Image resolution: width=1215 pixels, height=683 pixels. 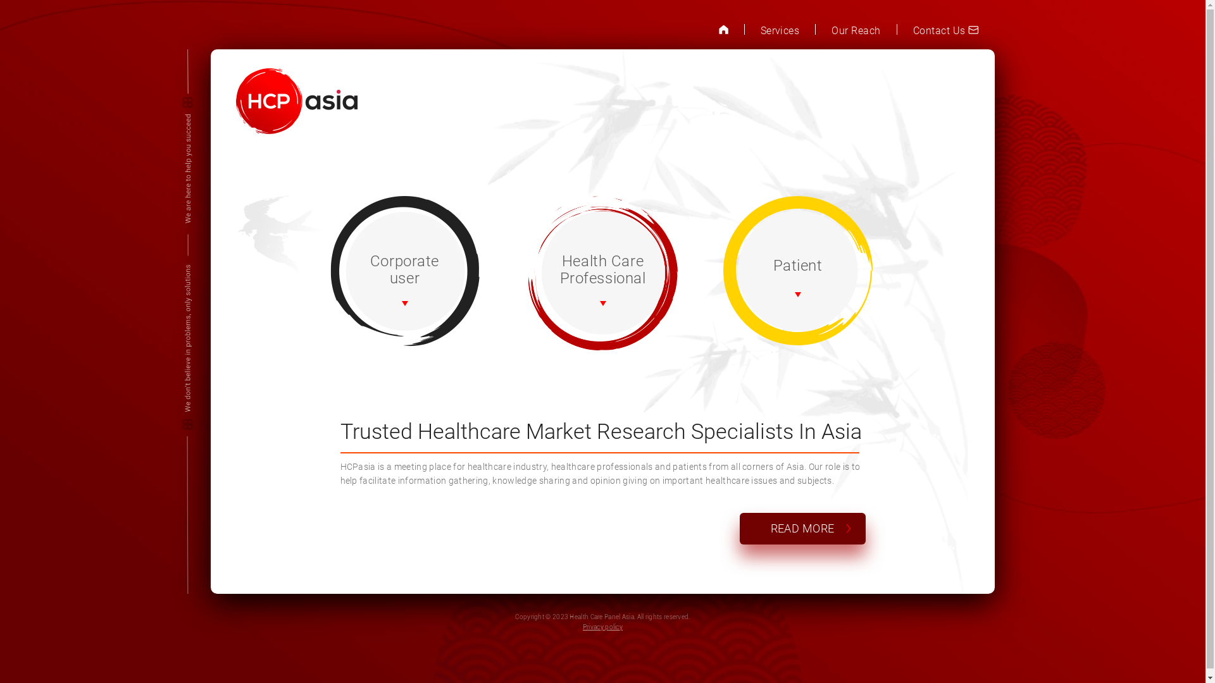 What do you see at coordinates (602, 627) in the screenshot?
I see `'Privacy policy'` at bounding box center [602, 627].